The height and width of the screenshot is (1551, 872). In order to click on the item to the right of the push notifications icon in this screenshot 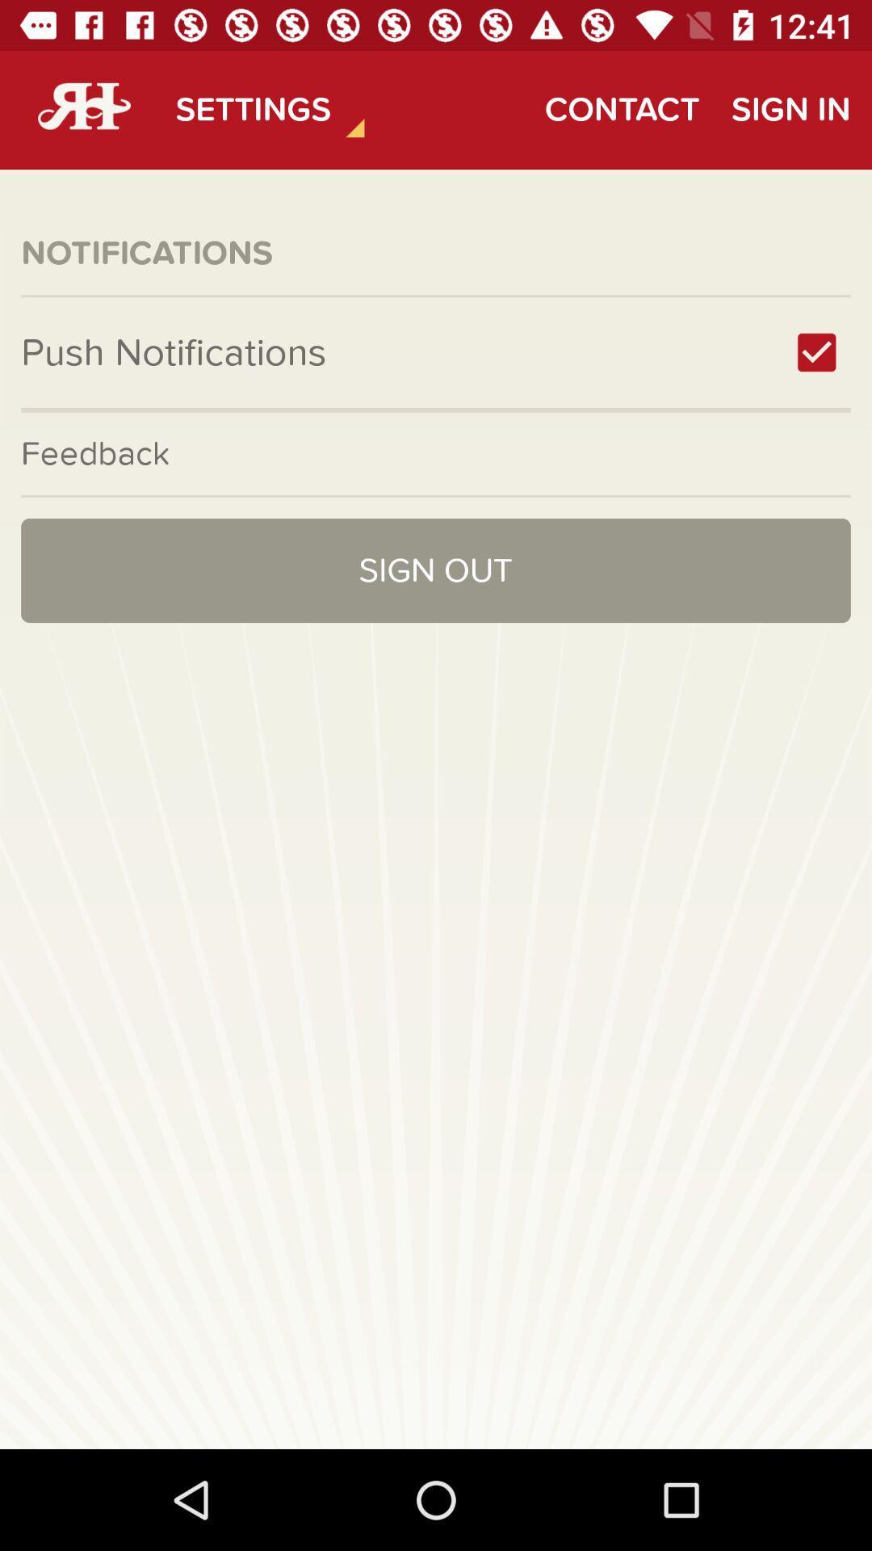, I will do `click(816, 351)`.